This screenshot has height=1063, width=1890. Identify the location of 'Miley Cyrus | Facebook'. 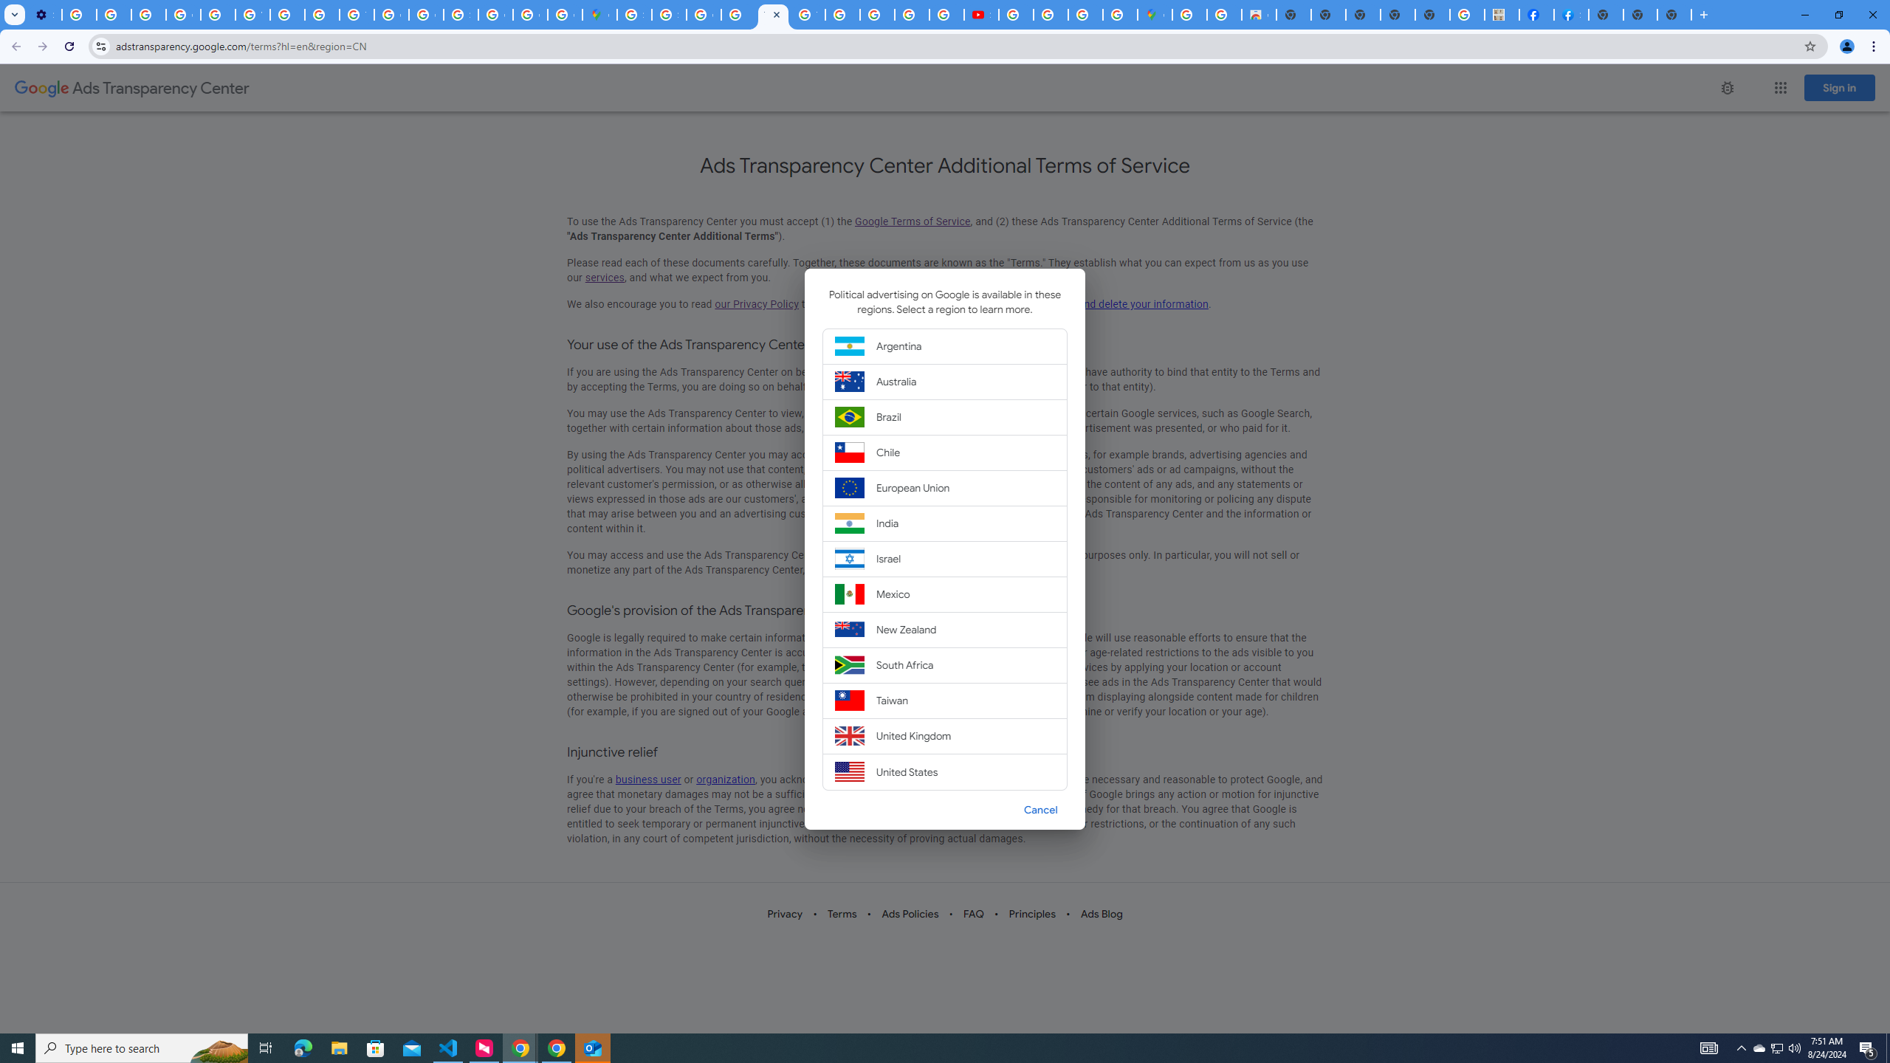
(1536, 14).